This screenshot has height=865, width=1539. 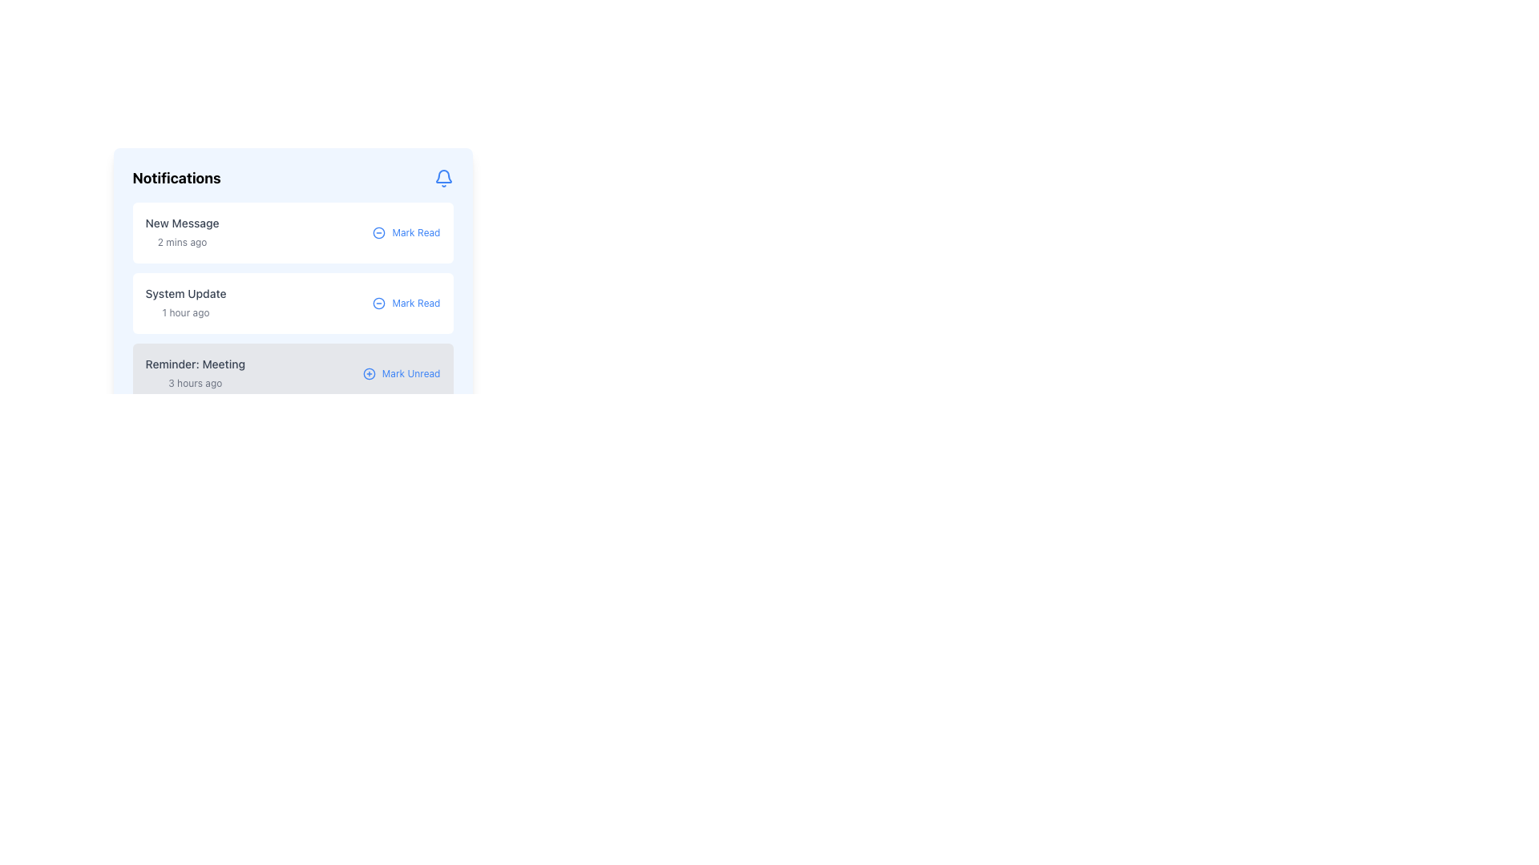 What do you see at coordinates (176, 179) in the screenshot?
I see `the bold text label reading 'Notifications' located at the top-left of the notification panel` at bounding box center [176, 179].